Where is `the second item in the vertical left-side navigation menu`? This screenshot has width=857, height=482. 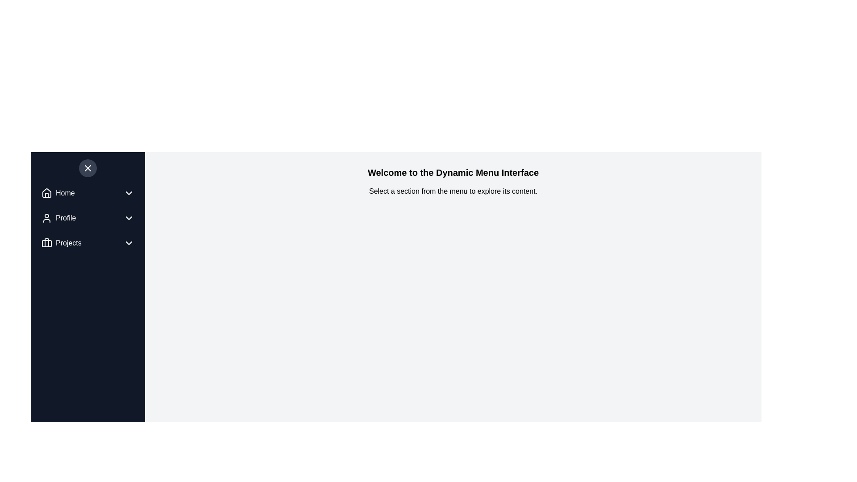 the second item in the vertical left-side navigation menu is located at coordinates (87, 218).